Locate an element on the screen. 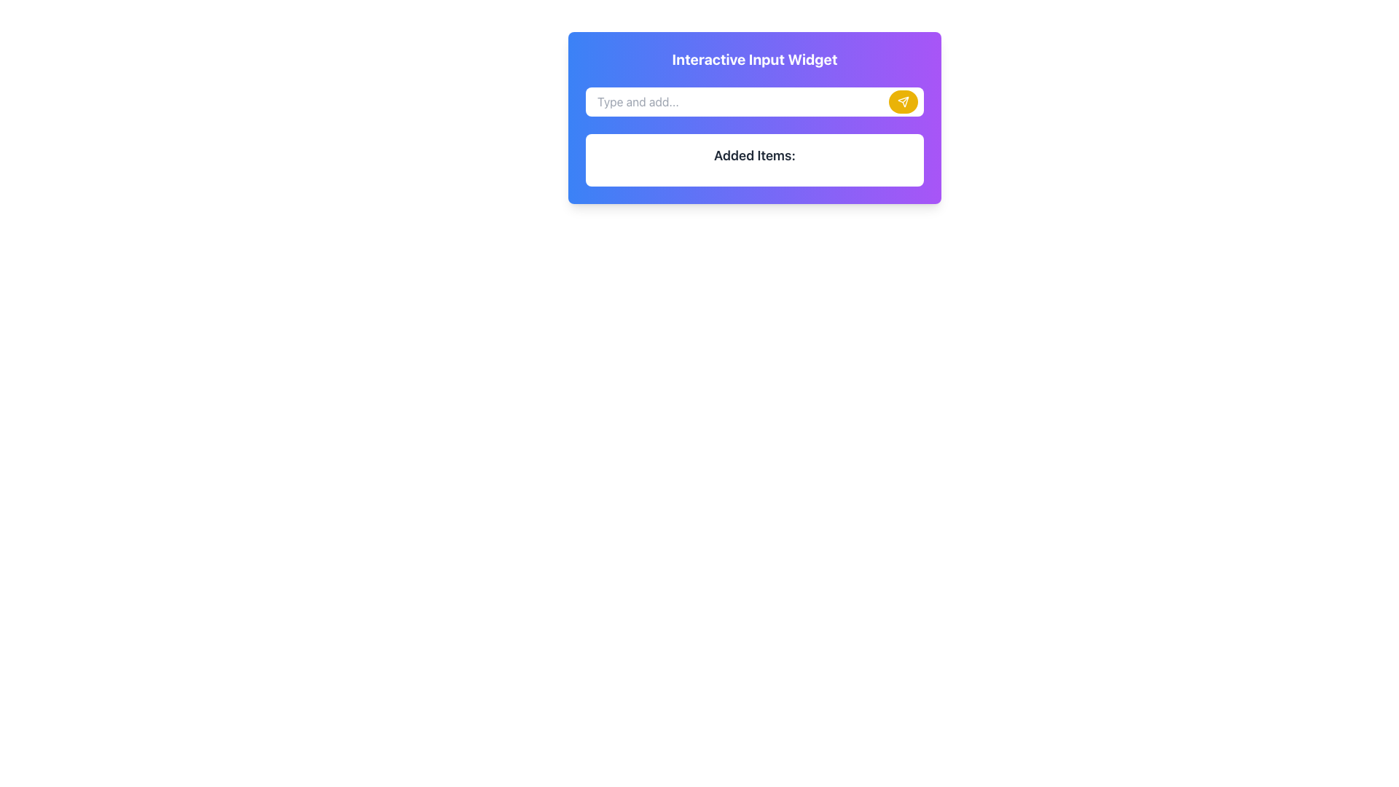 The width and height of the screenshot is (1399, 787). the paper airplane icon on the yellow circular background located at the end of the input field to send the input is located at coordinates (902, 101).